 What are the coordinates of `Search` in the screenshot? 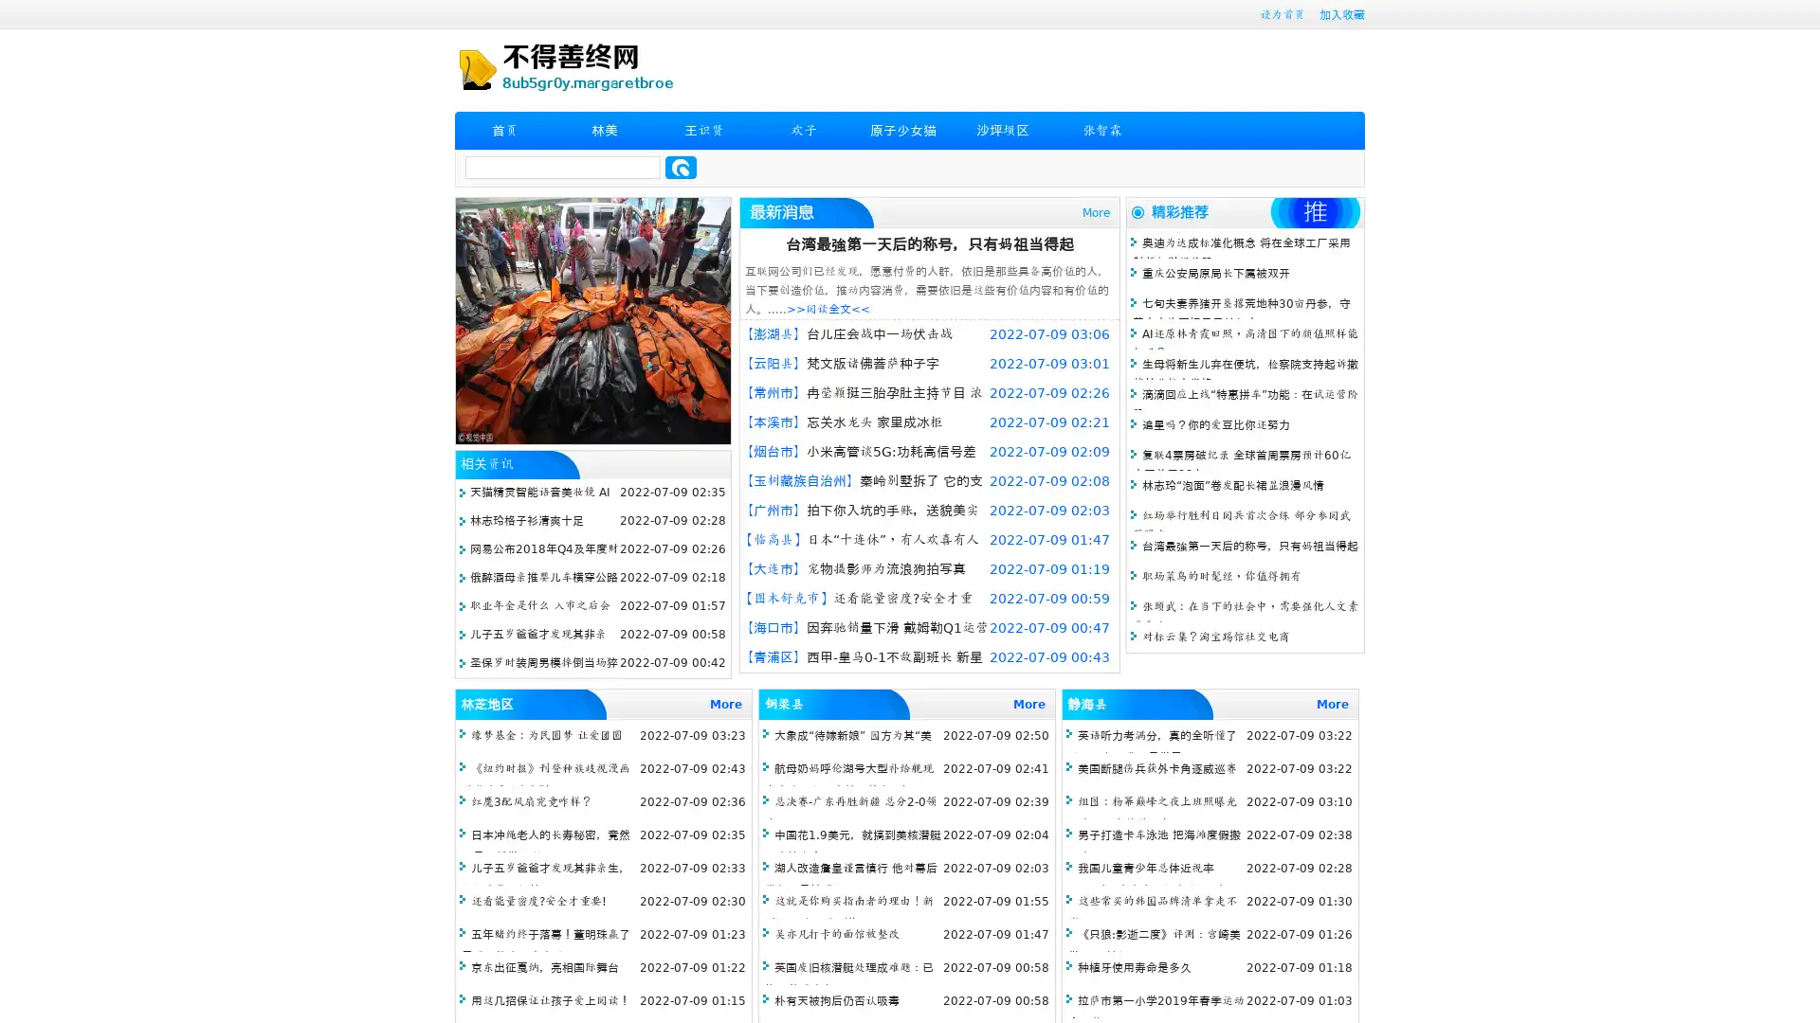 It's located at (681, 167).